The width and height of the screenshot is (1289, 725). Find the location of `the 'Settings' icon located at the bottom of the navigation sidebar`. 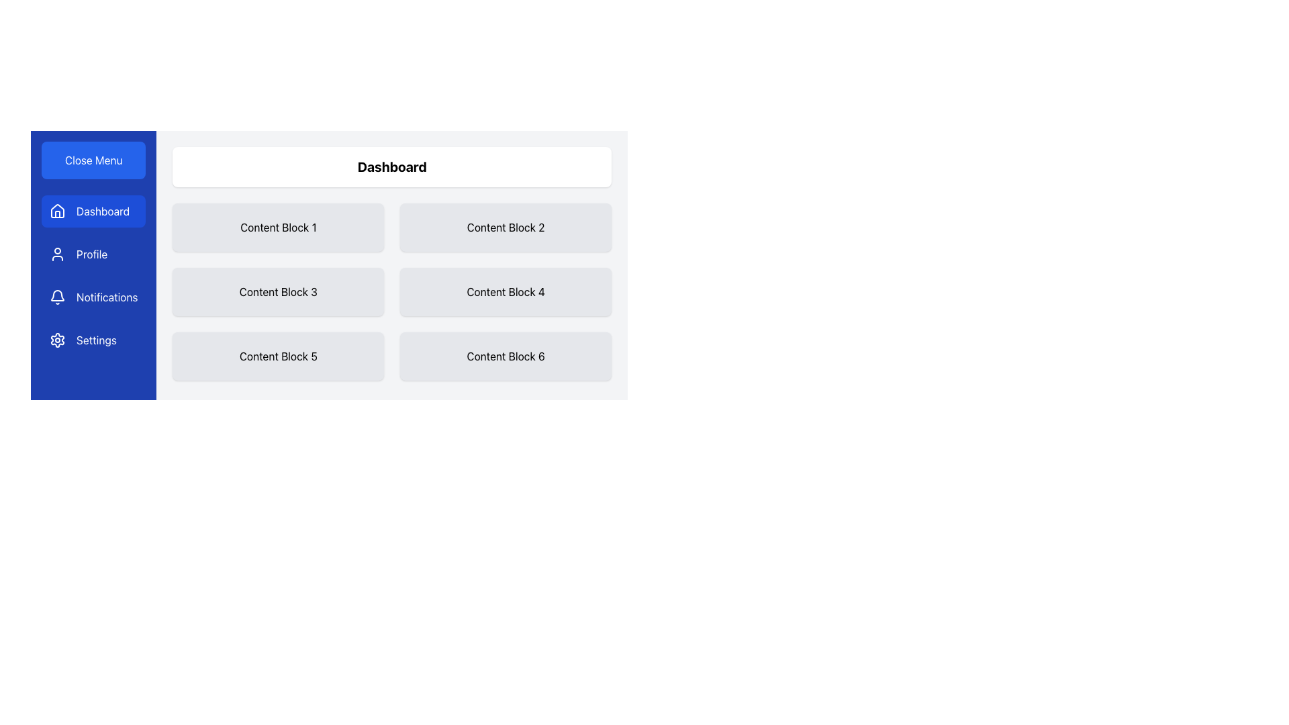

the 'Settings' icon located at the bottom of the navigation sidebar is located at coordinates (57, 339).